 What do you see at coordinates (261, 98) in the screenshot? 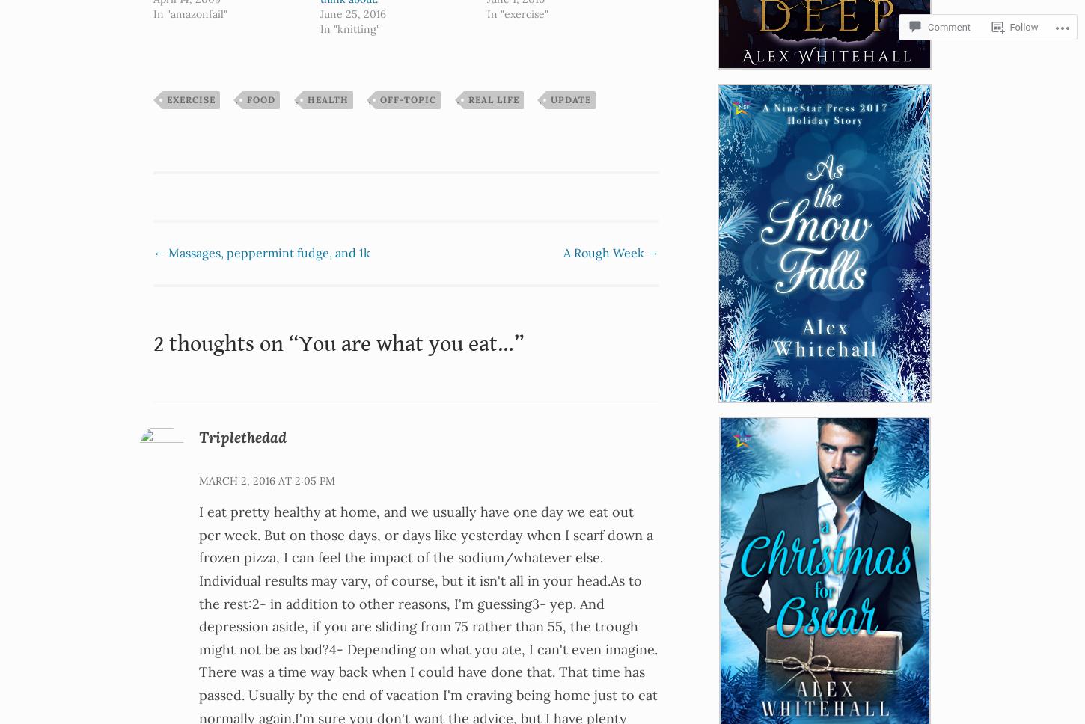
I see `'food'` at bounding box center [261, 98].